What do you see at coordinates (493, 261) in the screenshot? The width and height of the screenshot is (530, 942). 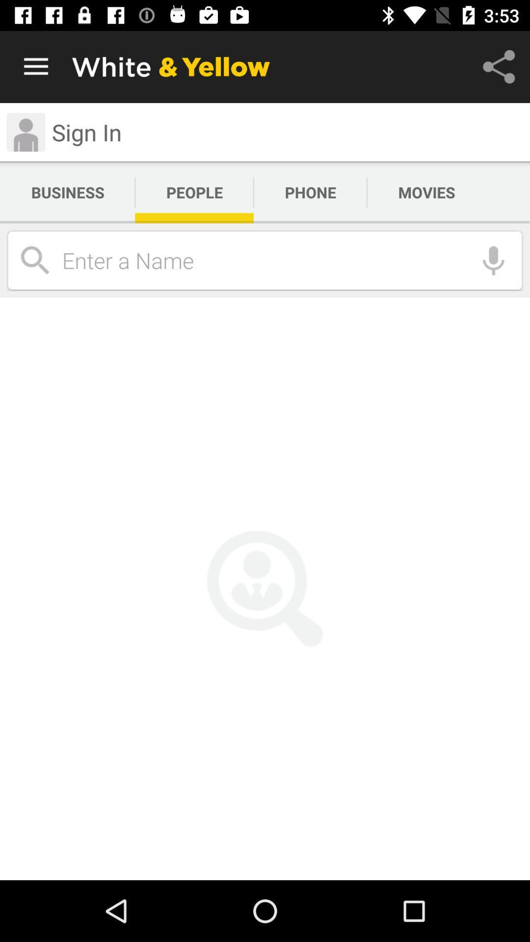 I see `the microphone icon` at bounding box center [493, 261].